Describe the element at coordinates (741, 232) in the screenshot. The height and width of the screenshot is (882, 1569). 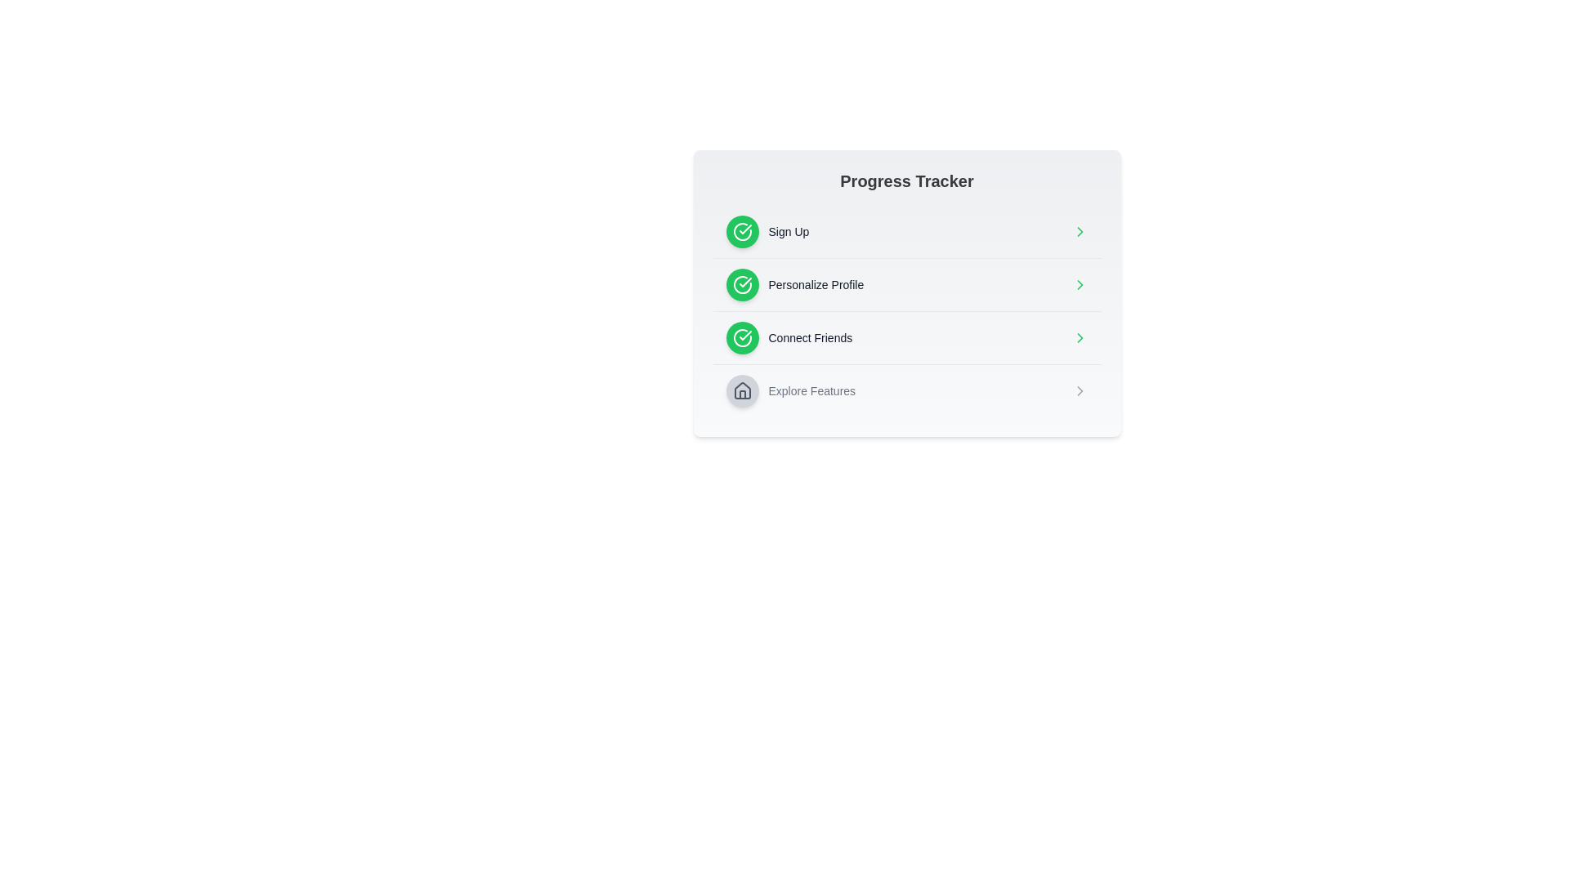
I see `the circular icon with a check mark inside, which is the first icon in the vertical progress tracker list for the 'Sign Up' step` at that location.